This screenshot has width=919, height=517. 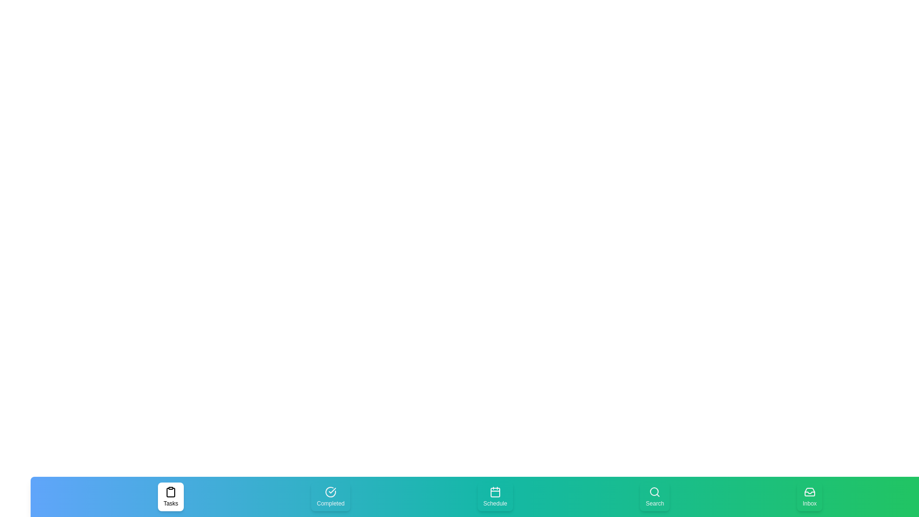 What do you see at coordinates (809, 496) in the screenshot?
I see `the Inbox tab to select it` at bounding box center [809, 496].